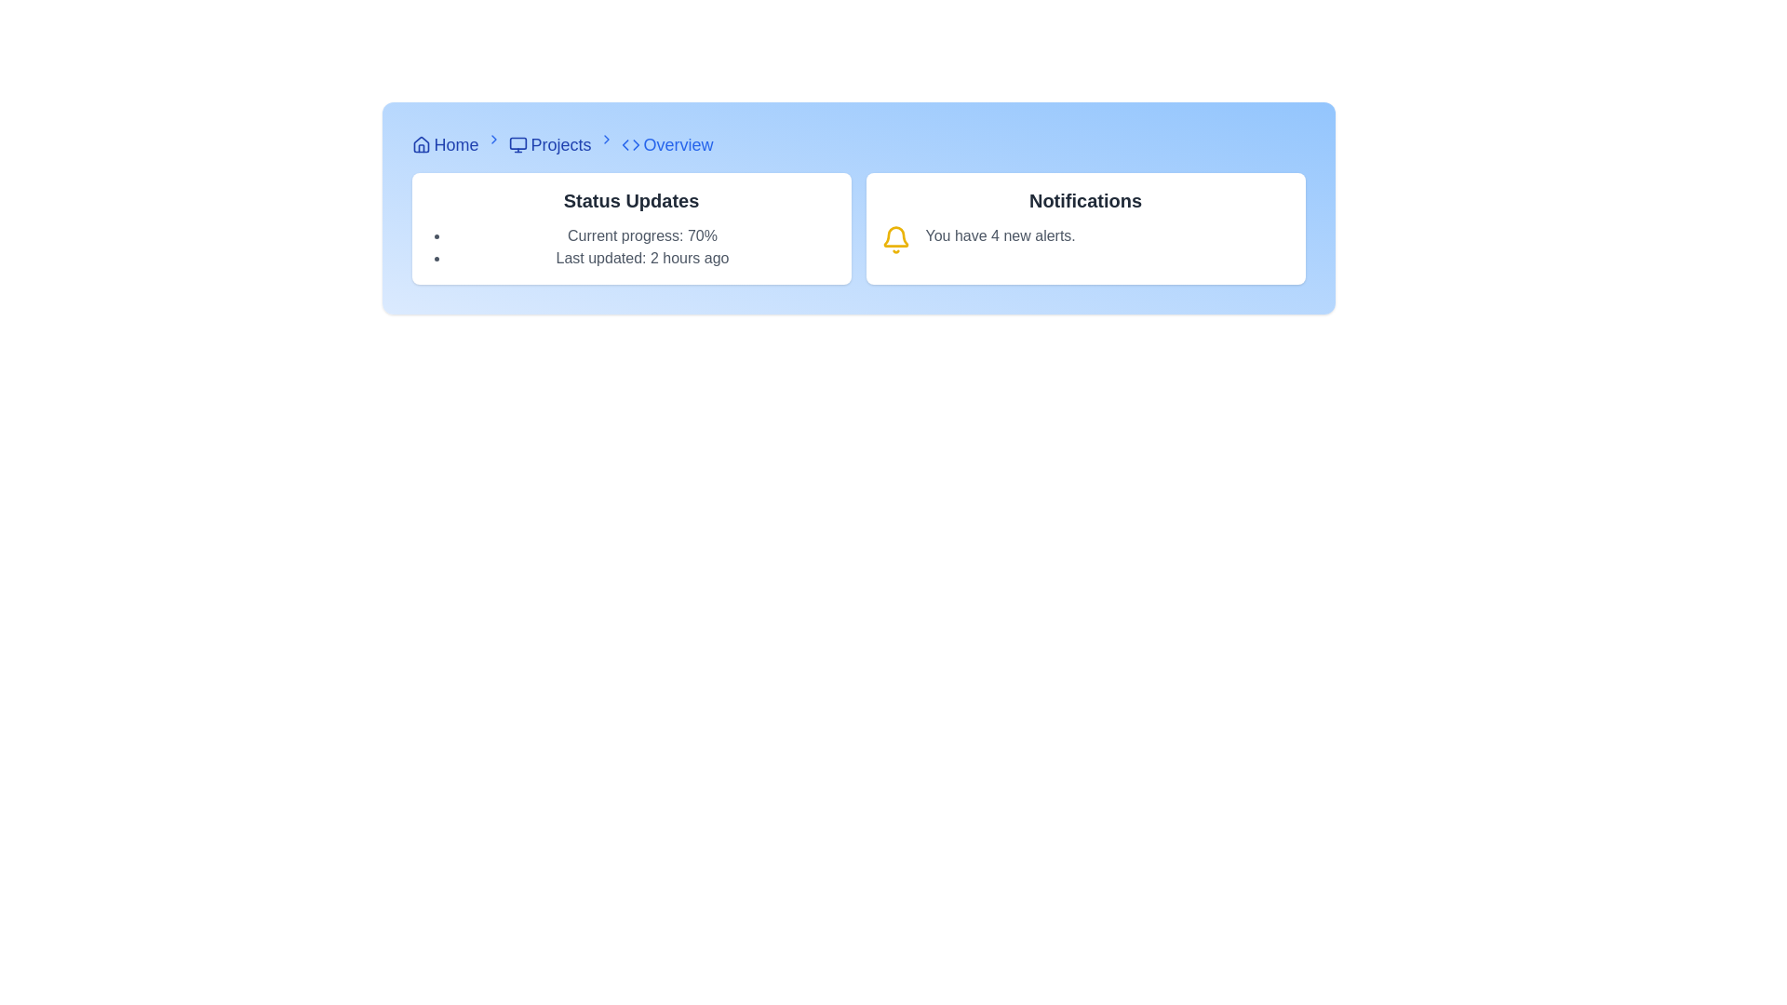 The width and height of the screenshot is (1787, 1005). I want to click on the notification indicator text label located within the 'Notifications' panel, immediately to the right of the yellow bell icon, so click(1000, 239).